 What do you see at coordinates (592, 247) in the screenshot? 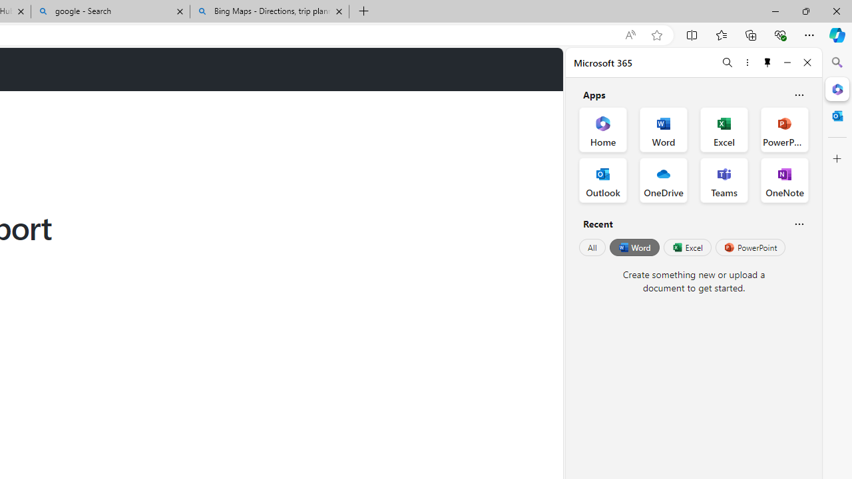
I see `'All'` at bounding box center [592, 247].